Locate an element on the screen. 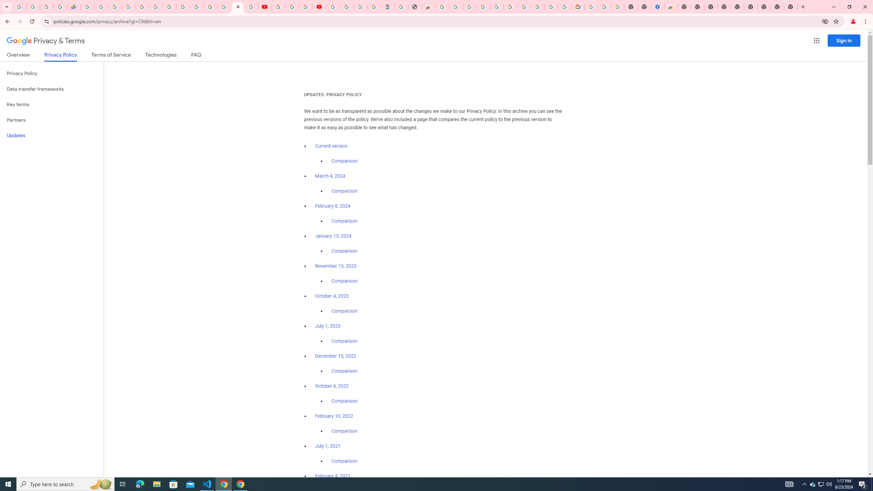 Image resolution: width=873 pixels, height=491 pixels. 'Android TV Policies and Guidelines - Transparency Center' is located at coordinates (169, 6).